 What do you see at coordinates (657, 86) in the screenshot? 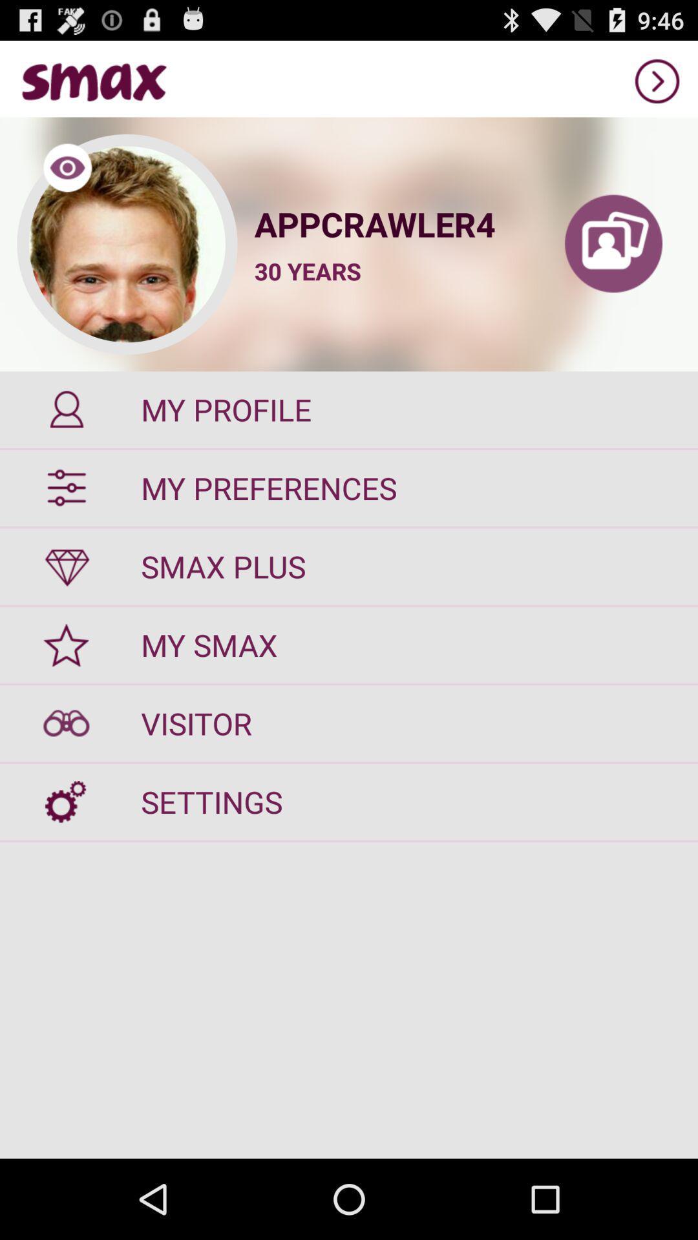
I see `the arrow_forward icon` at bounding box center [657, 86].